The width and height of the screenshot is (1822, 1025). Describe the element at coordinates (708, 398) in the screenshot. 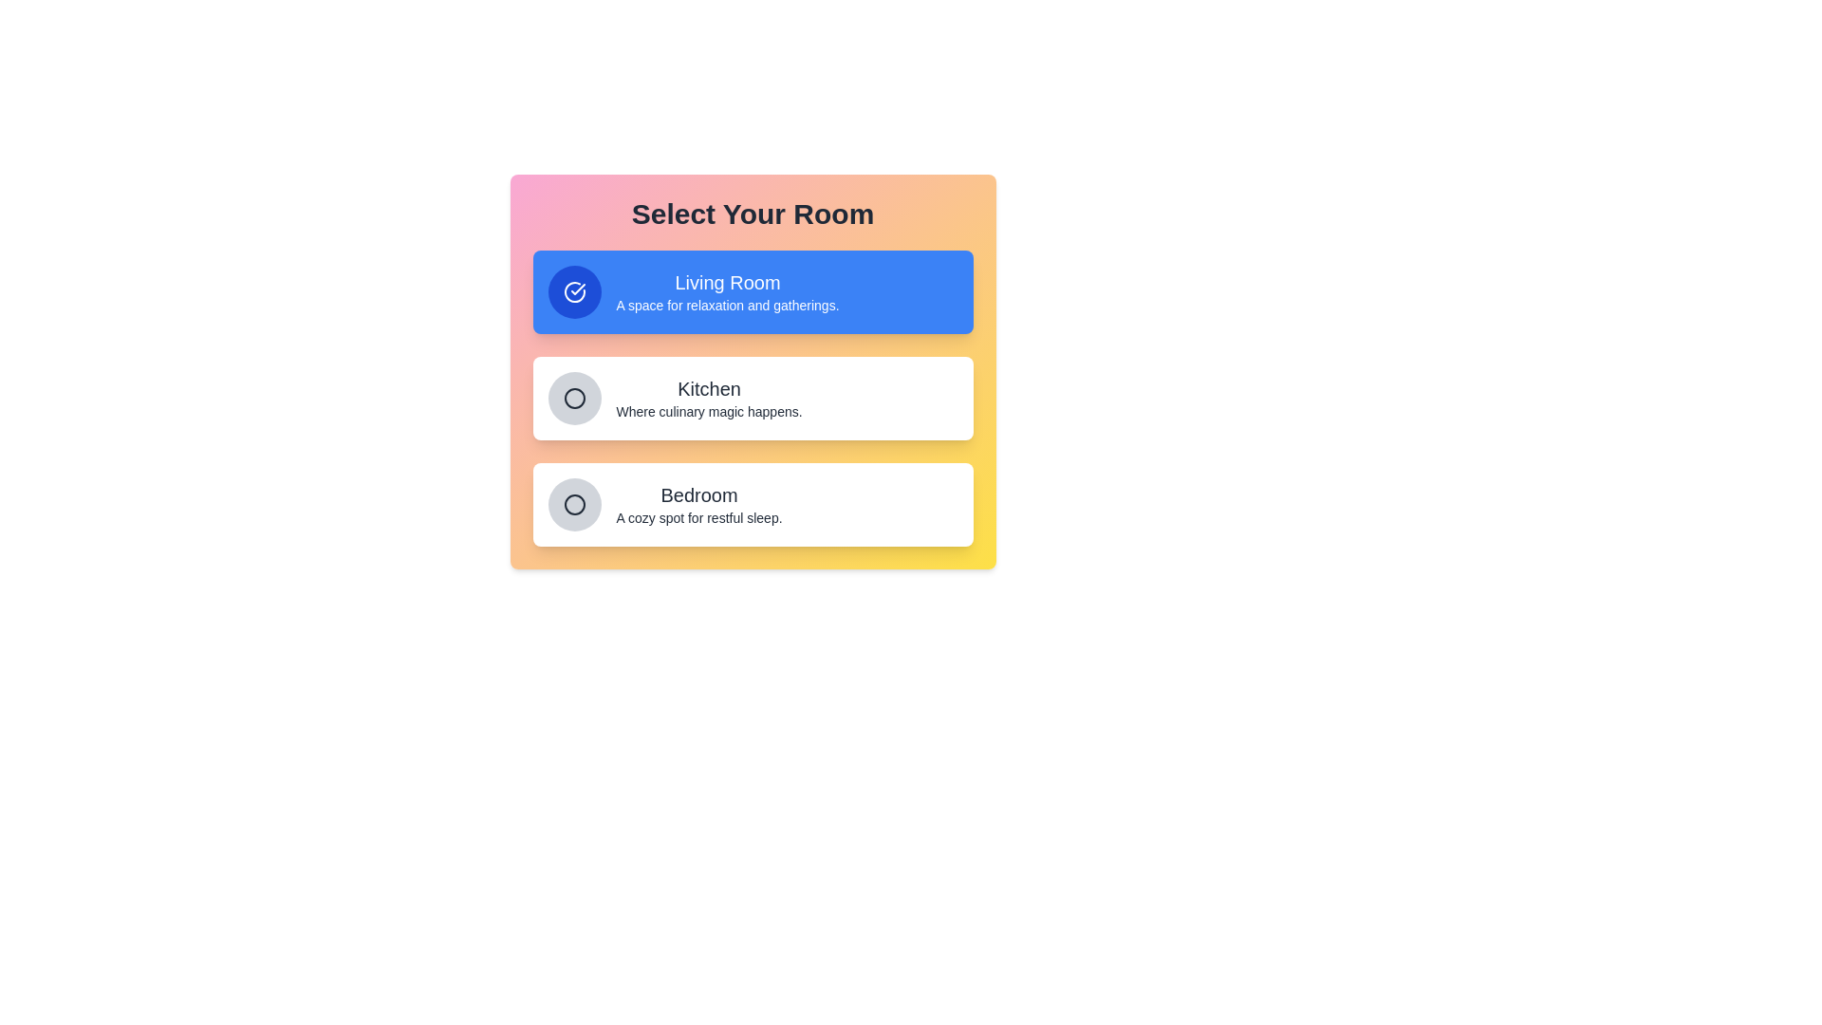

I see `the 'Kitchen' text label with the subtitle 'Where culinary magic happens.'` at that location.